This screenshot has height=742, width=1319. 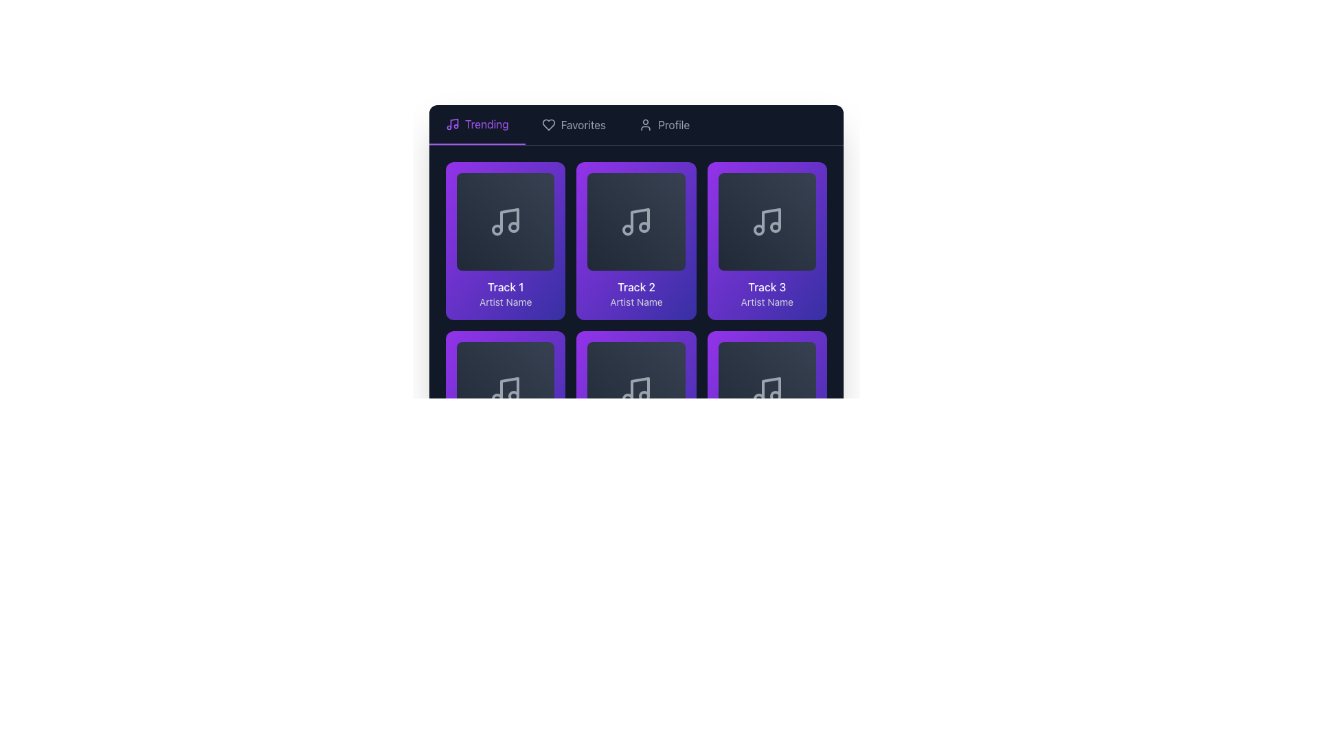 I want to click on the second circular element of the musical note icon, which is located within the purple-bordered card labeled 'Track 1' and 'Artist Name', so click(x=513, y=227).